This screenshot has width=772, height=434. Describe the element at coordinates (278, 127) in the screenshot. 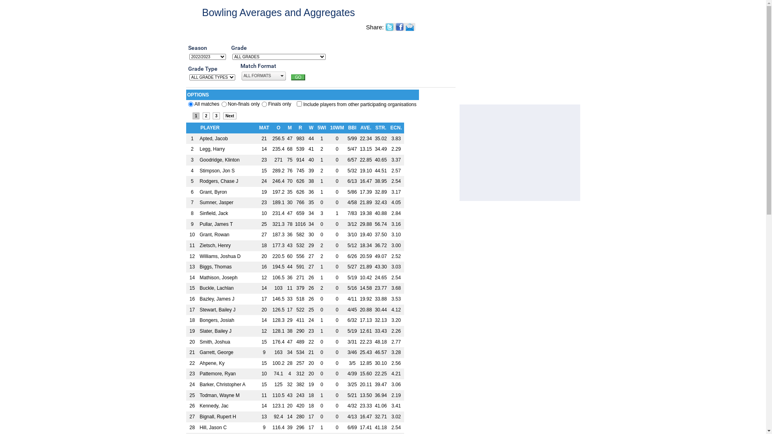

I see `'O'` at that location.